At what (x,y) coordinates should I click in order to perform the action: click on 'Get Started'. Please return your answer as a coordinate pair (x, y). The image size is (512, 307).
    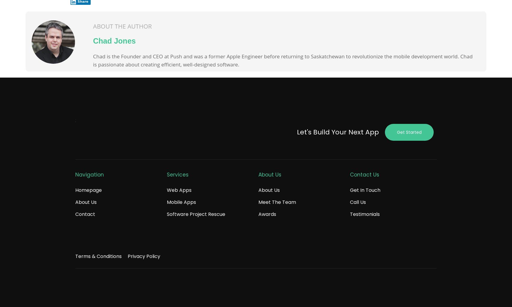
    Looking at the image, I should click on (409, 132).